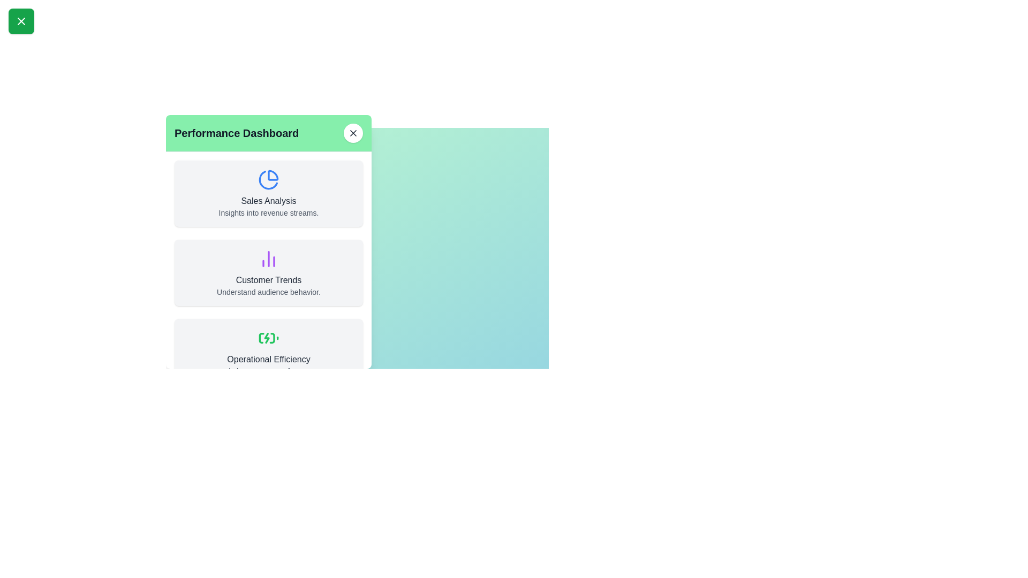 This screenshot has height=578, width=1028. I want to click on text label that is centrally aligned inside the third card in the vertical stack on the left panel, located below a green icon, with a light gray background and rounded corners, so click(269, 359).